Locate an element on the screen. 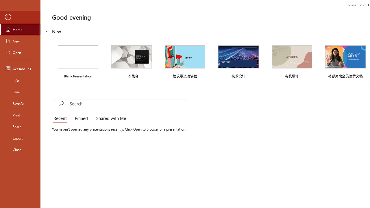  'Info' is located at coordinates (20, 80).